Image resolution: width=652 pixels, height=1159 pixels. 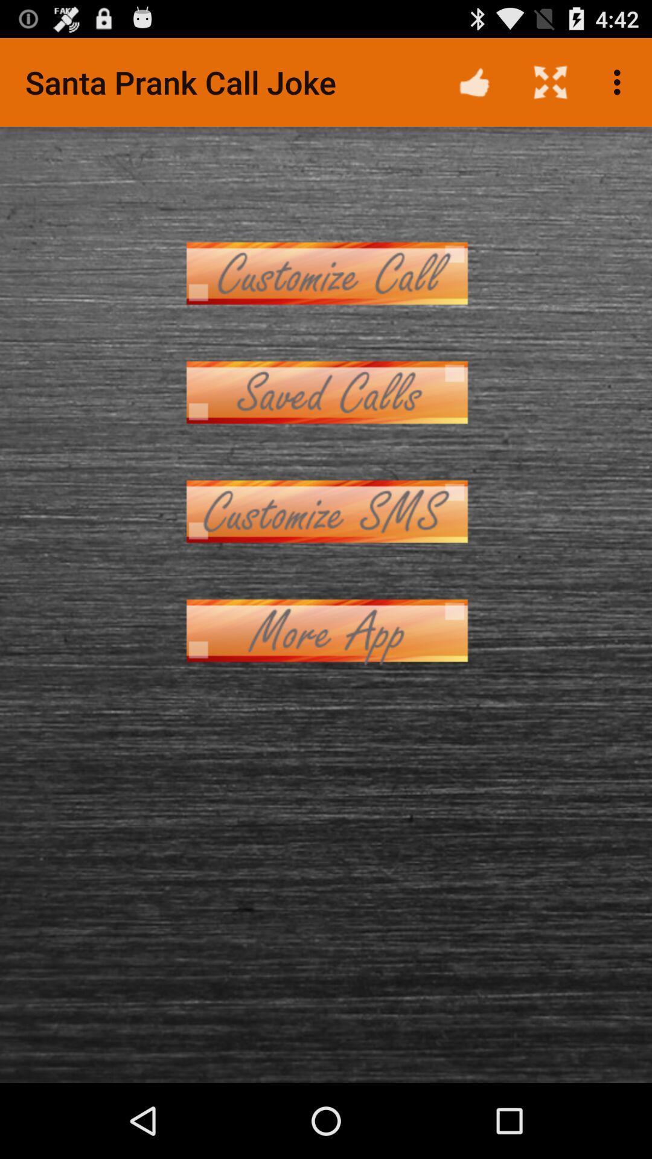 I want to click on customize sms, so click(x=326, y=511).